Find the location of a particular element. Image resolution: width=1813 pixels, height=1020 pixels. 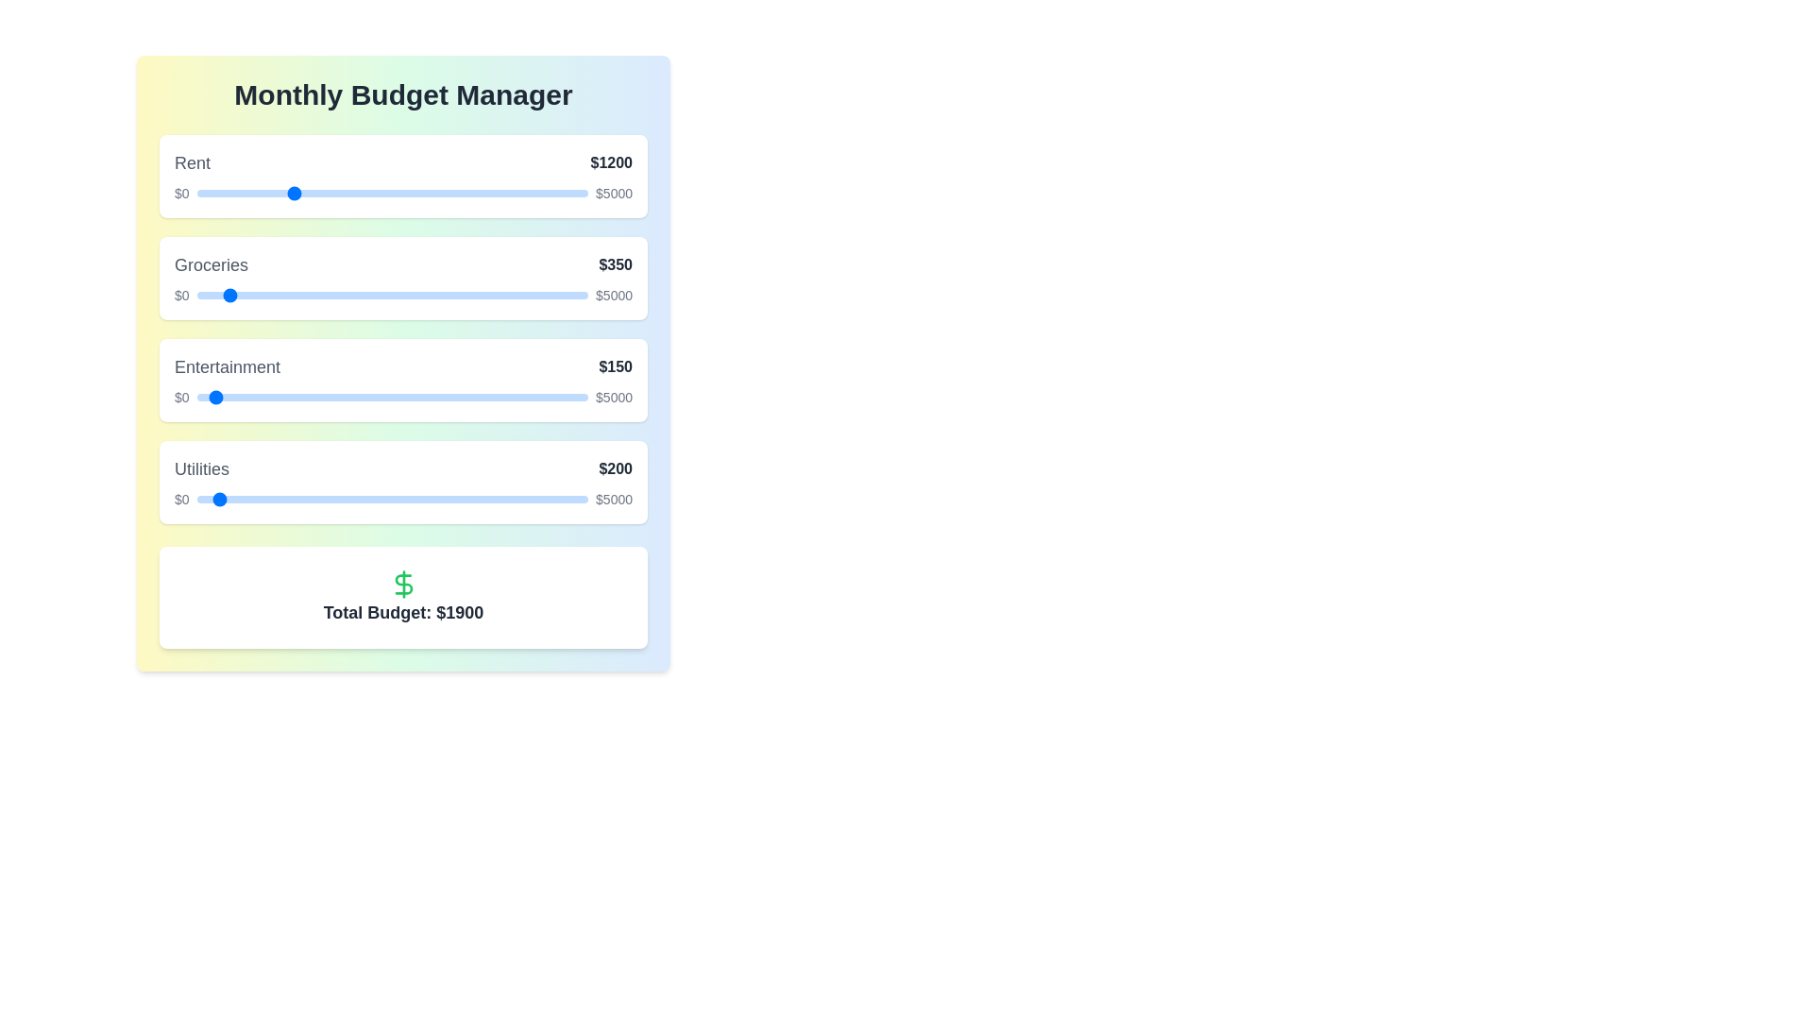

the 'Utilities' slider is located at coordinates (381, 498).